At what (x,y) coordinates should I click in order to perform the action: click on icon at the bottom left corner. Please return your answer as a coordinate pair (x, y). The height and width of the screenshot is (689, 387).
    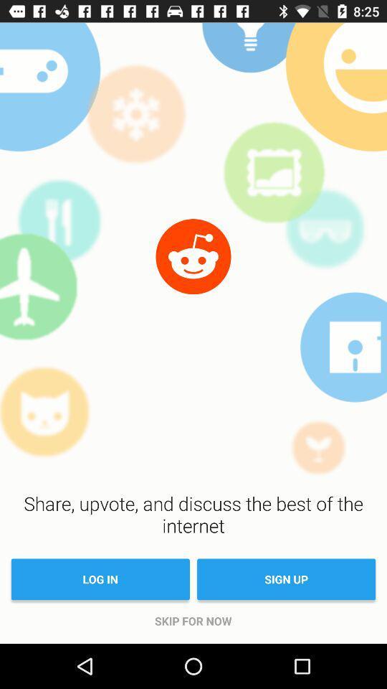
    Looking at the image, I should click on (100, 579).